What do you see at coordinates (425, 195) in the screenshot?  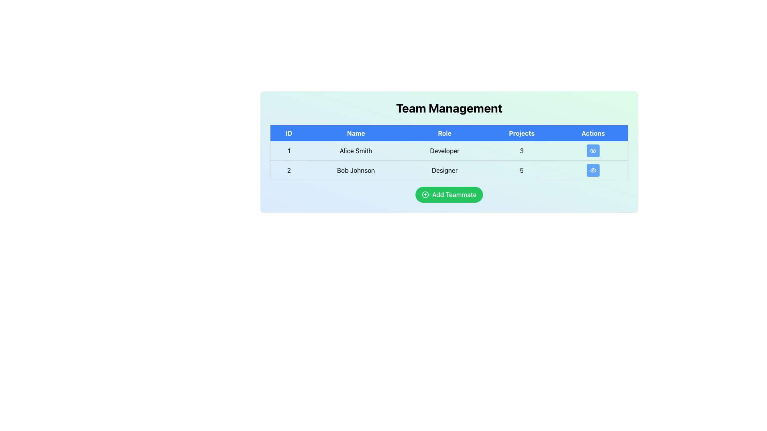 I see `the 'Add Teammate' button, which features an icon on its left side and has a green background with white text, to interact with it` at bounding box center [425, 195].